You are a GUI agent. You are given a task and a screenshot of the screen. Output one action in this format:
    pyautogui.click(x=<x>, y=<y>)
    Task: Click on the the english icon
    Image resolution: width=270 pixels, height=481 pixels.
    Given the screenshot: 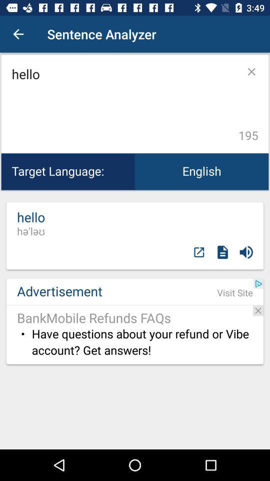 What is the action you would take?
    pyautogui.click(x=201, y=171)
    